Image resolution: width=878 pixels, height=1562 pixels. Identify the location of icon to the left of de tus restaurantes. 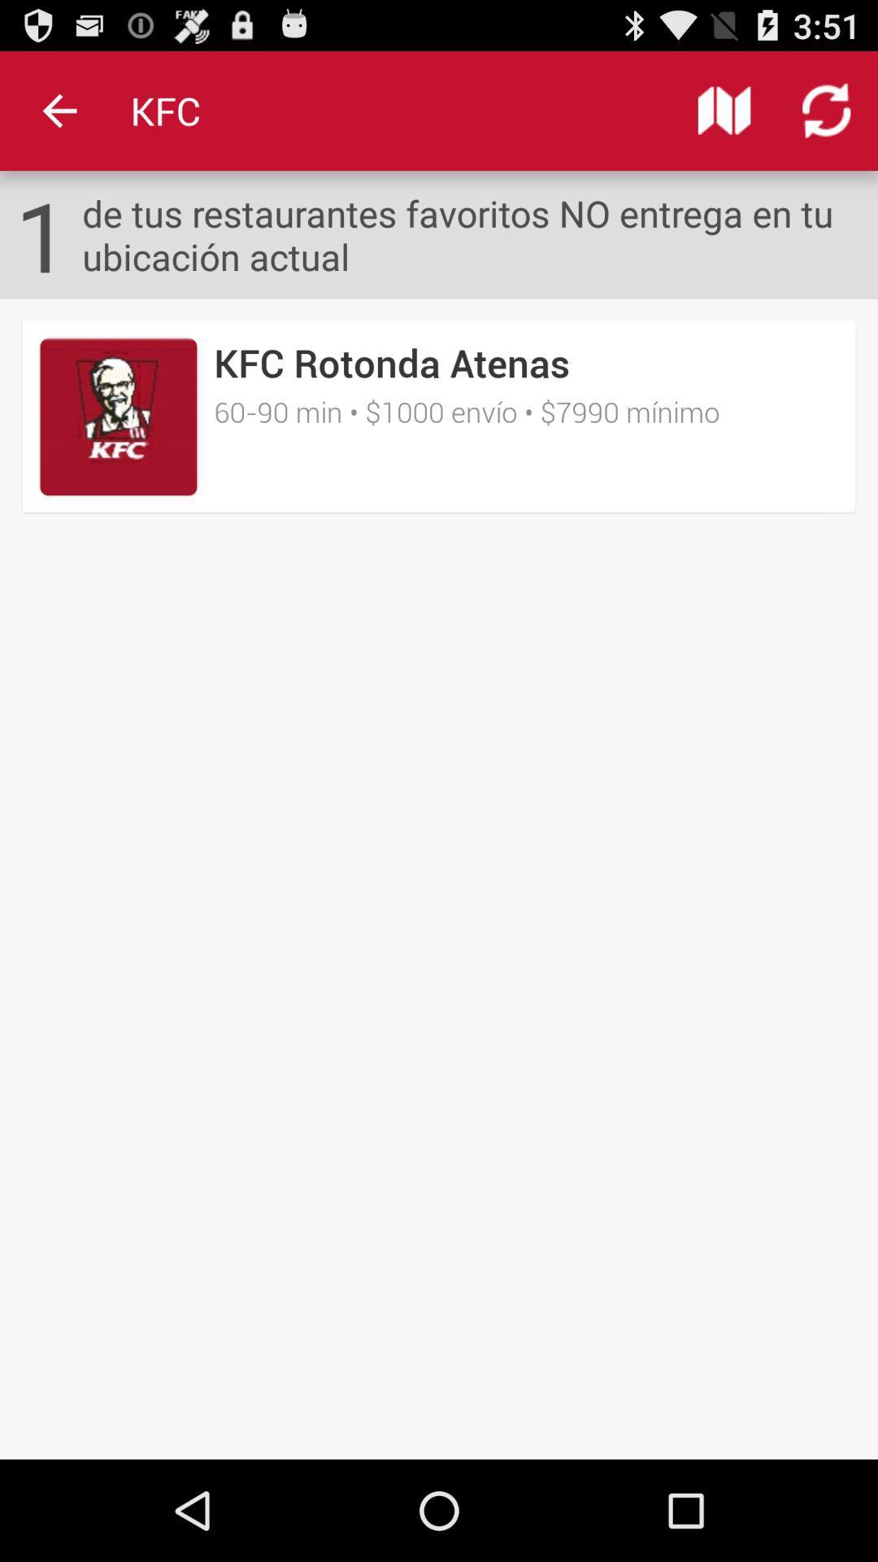
(41, 233).